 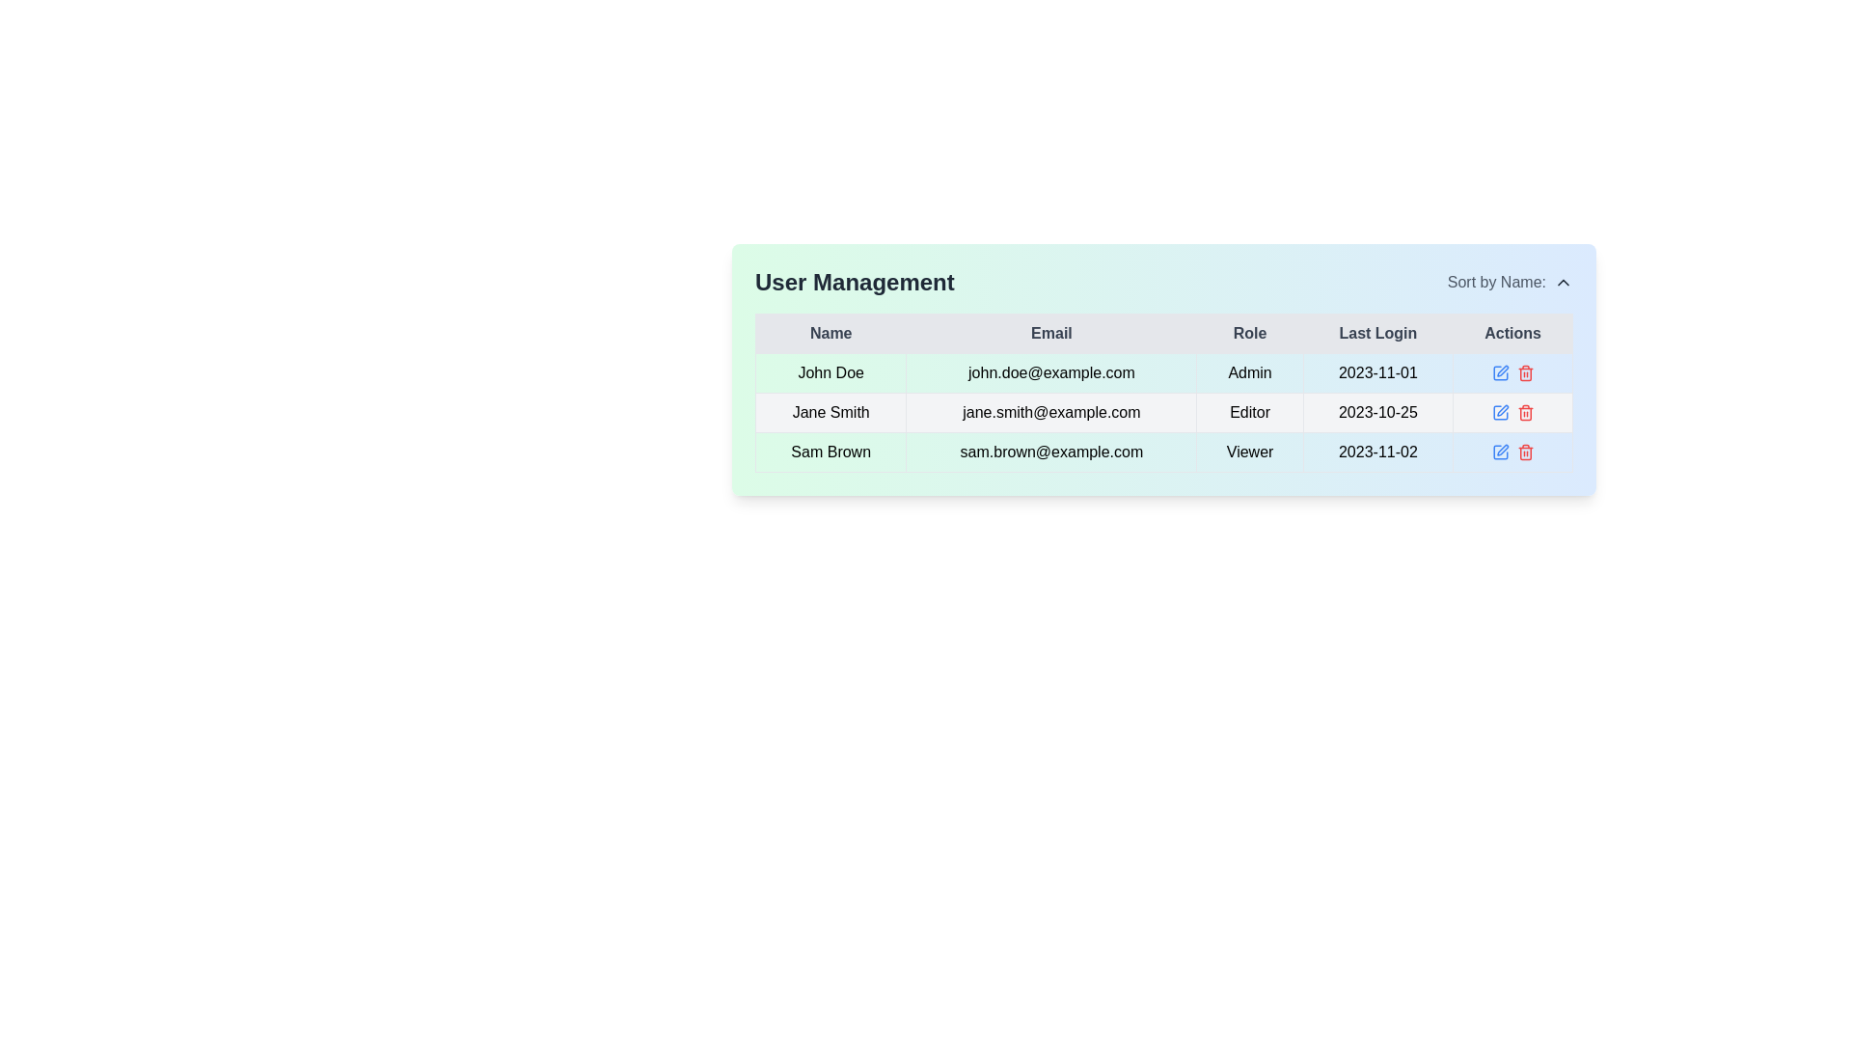 What do you see at coordinates (1376, 412) in the screenshot?
I see `text content displayed in the text label showing the last login date for user 'Jane Smith' located in the fourth column of the second row in the 'User Management' section` at bounding box center [1376, 412].